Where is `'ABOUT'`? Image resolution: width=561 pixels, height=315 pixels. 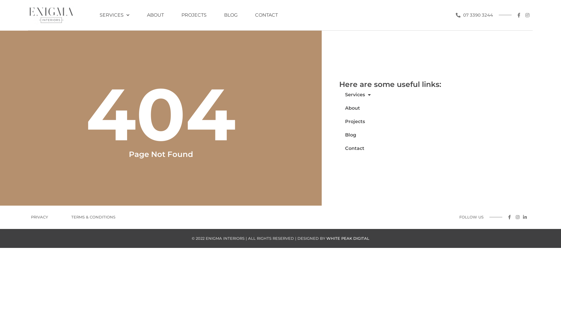
'ABOUT' is located at coordinates (155, 15).